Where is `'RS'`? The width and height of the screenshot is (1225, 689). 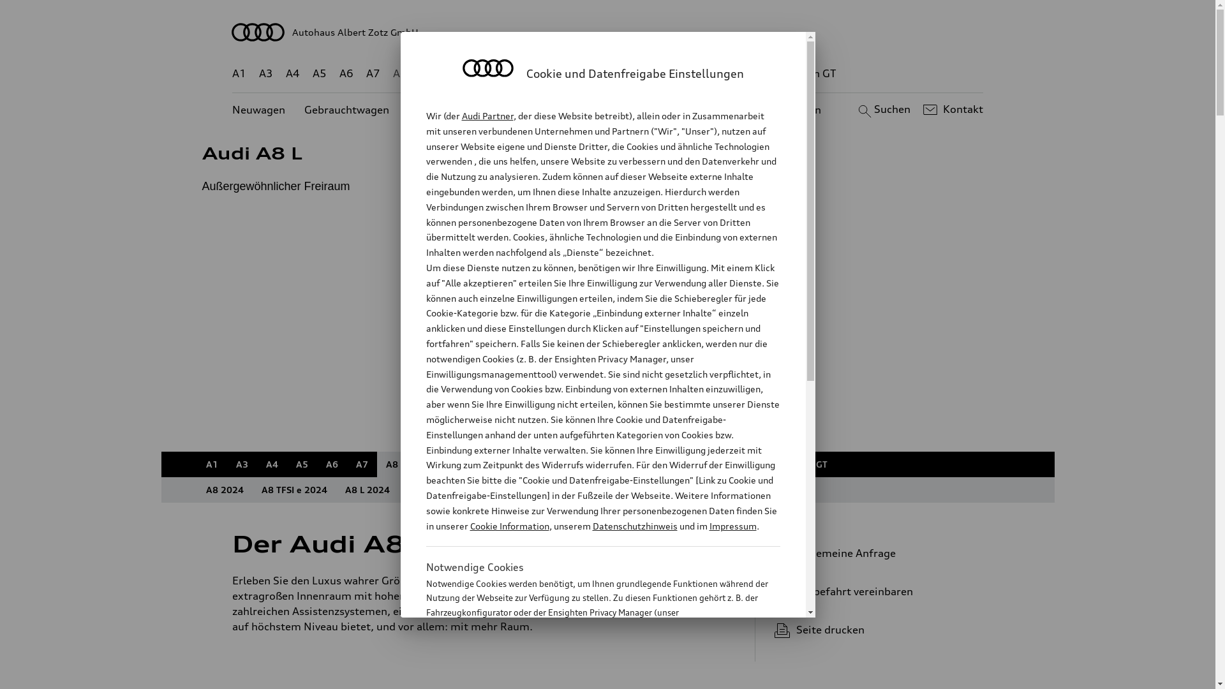
'RS' is located at coordinates (724, 73).